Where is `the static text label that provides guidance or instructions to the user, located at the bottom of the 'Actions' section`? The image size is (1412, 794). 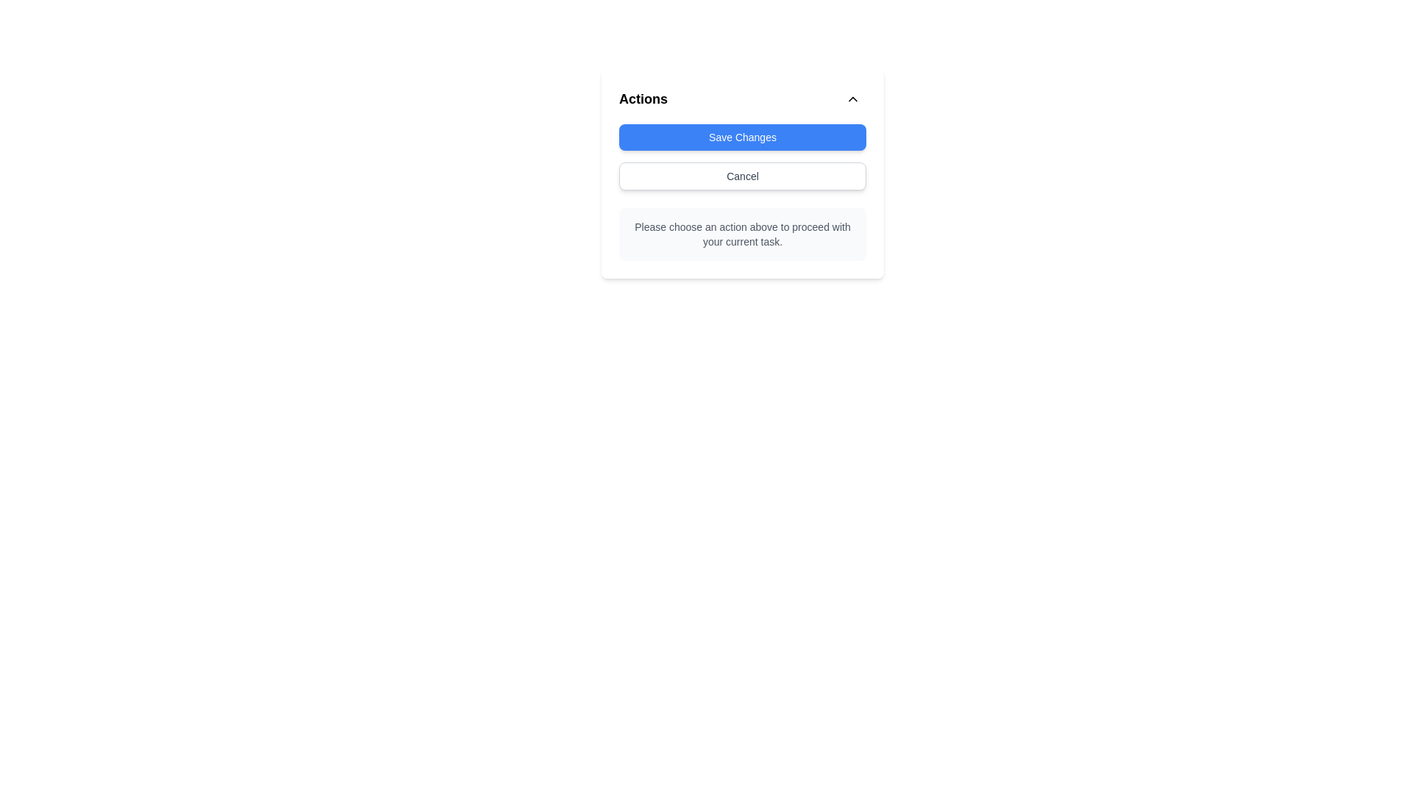 the static text label that provides guidance or instructions to the user, located at the bottom of the 'Actions' section is located at coordinates (742, 234).